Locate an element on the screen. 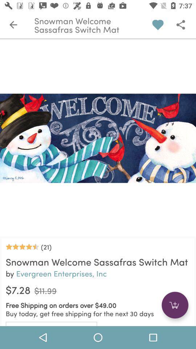 The width and height of the screenshot is (196, 349). the text below snowman welcome sassafras switch mat is located at coordinates (98, 273).